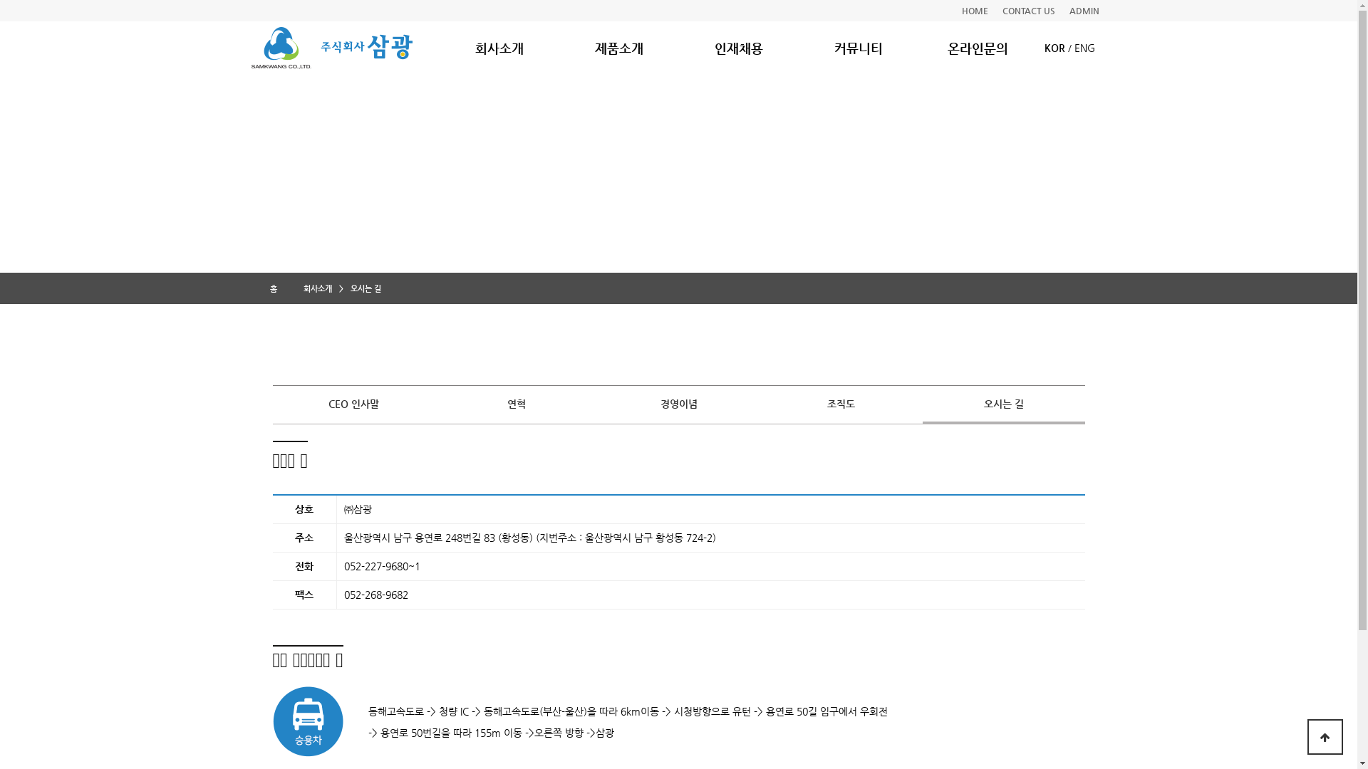  What do you see at coordinates (1044, 46) in the screenshot?
I see `'KOR'` at bounding box center [1044, 46].